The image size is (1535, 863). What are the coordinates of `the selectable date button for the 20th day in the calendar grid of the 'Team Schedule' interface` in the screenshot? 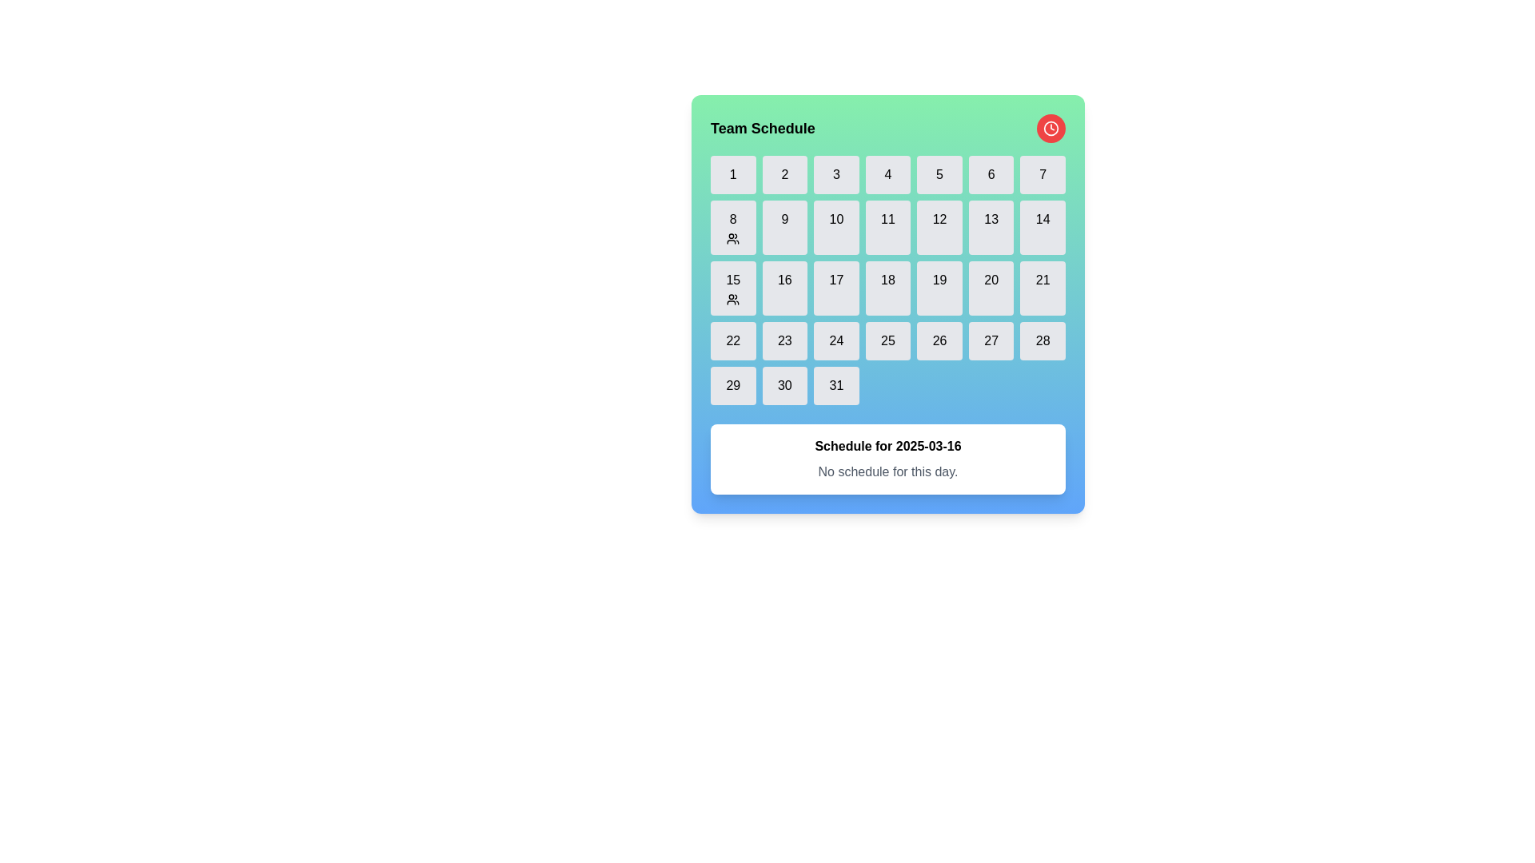 It's located at (990, 280).